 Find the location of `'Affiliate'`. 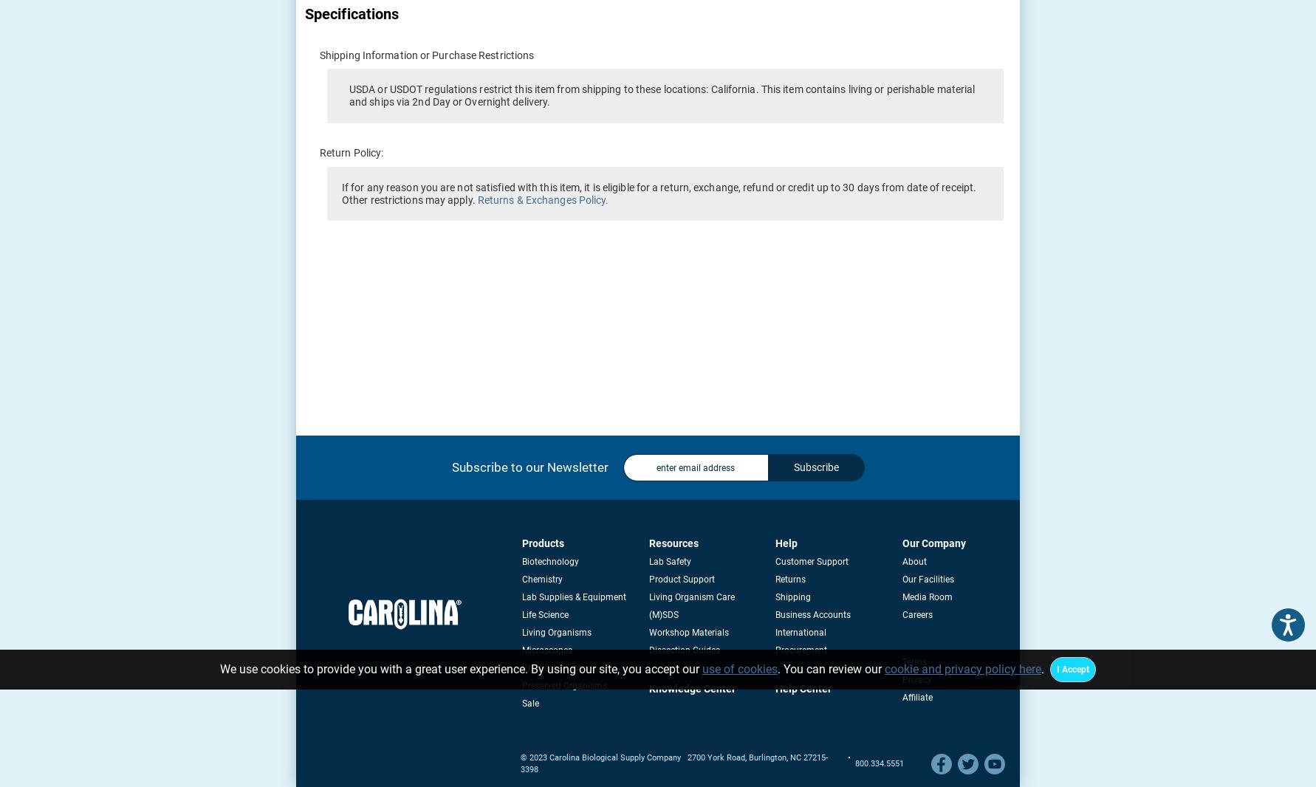

'Affiliate' is located at coordinates (916, 698).